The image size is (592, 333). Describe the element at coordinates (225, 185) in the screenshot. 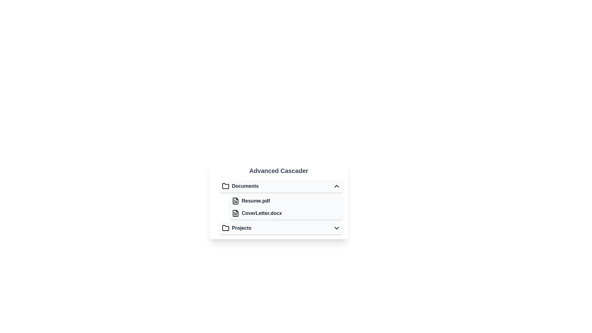

I see `the 'Documents' icon located to the left of the 'Documents' label in the cascading menu, which serves as the visual indicator for the first expandable list item` at that location.